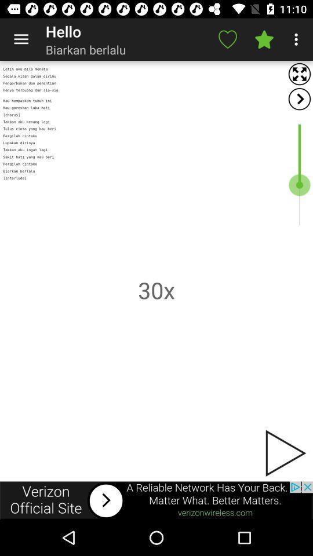  What do you see at coordinates (284, 453) in the screenshot?
I see `next page` at bounding box center [284, 453].